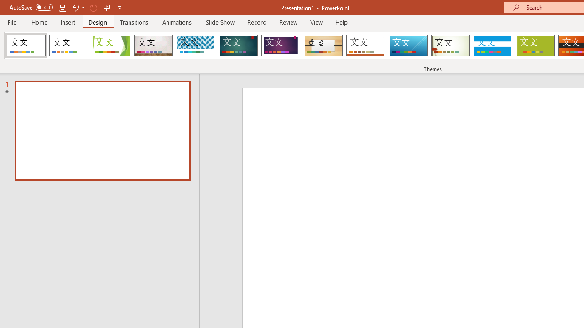 The image size is (584, 328). Describe the element at coordinates (323, 46) in the screenshot. I see `'Organic Loading Preview...'` at that location.